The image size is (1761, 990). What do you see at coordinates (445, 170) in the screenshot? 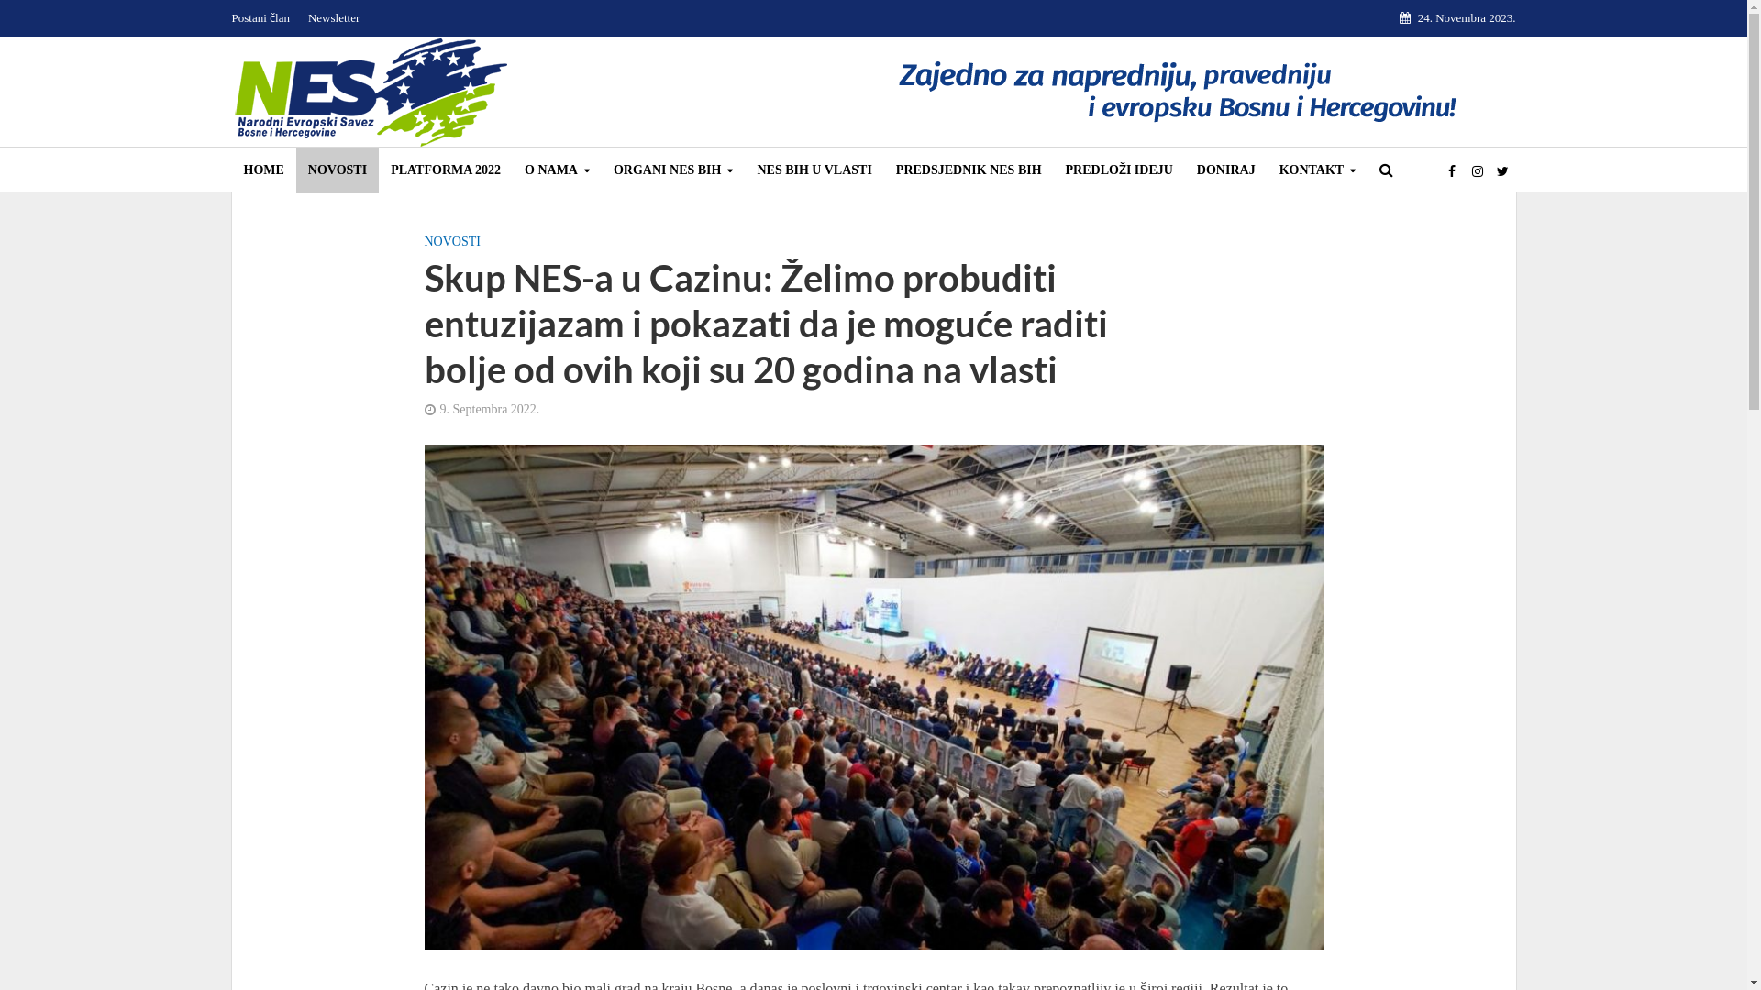
I see `'PLATFORMA 2022'` at bounding box center [445, 170].